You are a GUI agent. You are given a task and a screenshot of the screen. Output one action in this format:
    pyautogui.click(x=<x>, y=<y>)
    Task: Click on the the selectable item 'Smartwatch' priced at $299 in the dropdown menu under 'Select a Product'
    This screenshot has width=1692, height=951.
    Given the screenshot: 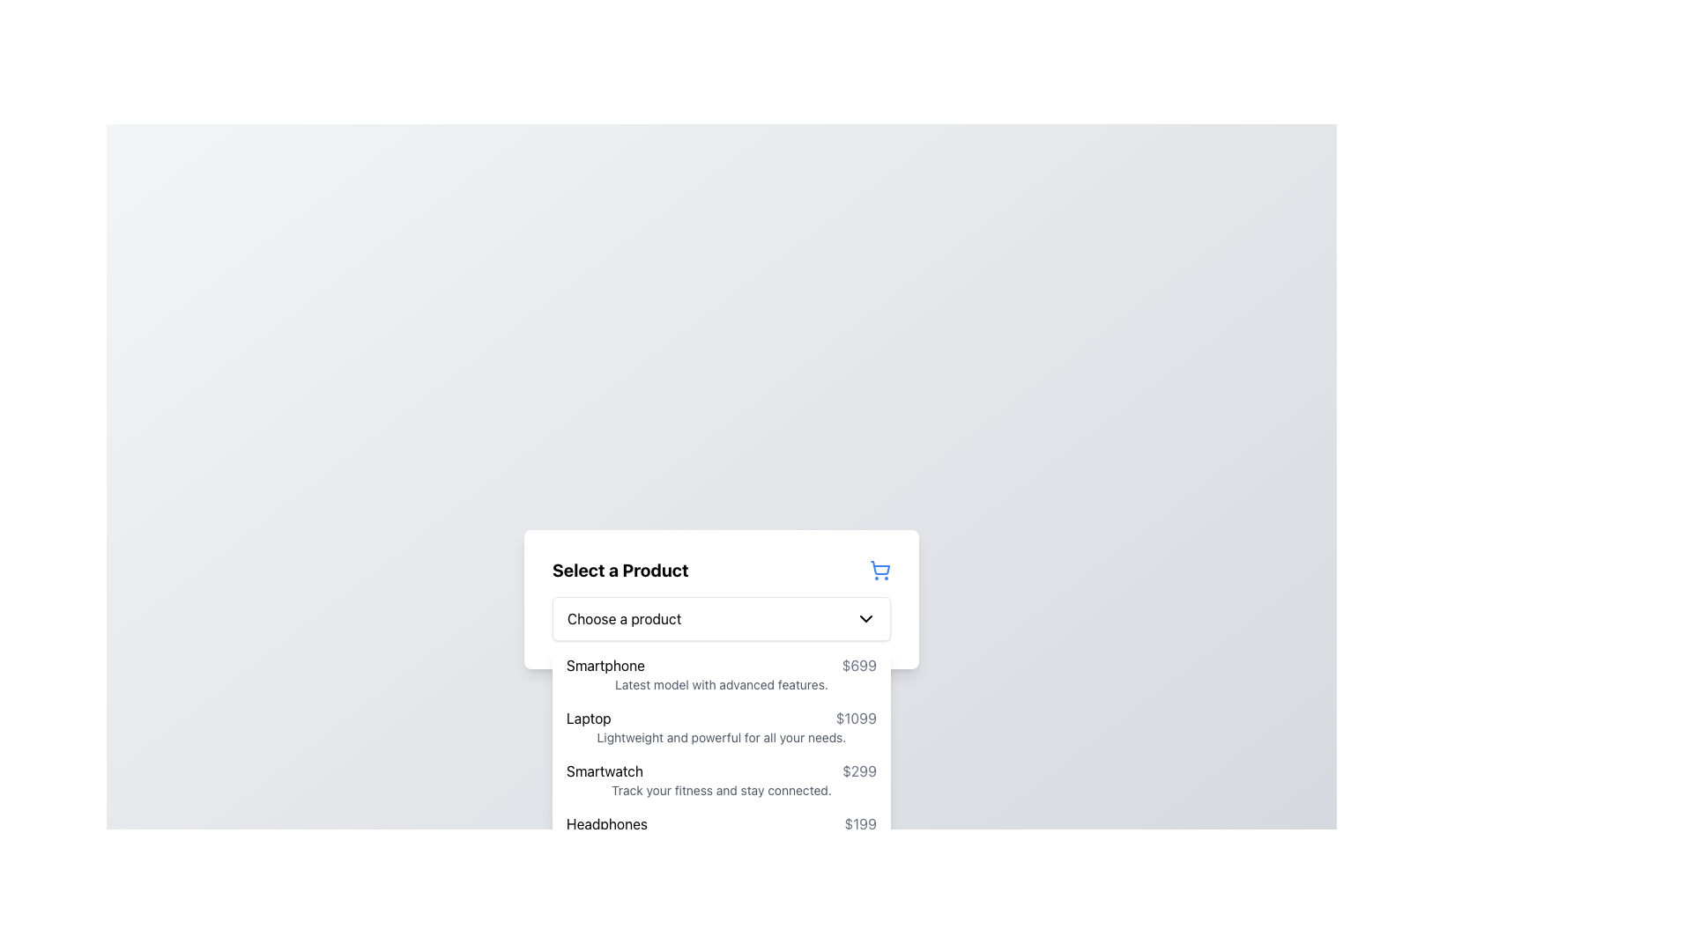 What is the action you would take?
    pyautogui.click(x=722, y=770)
    